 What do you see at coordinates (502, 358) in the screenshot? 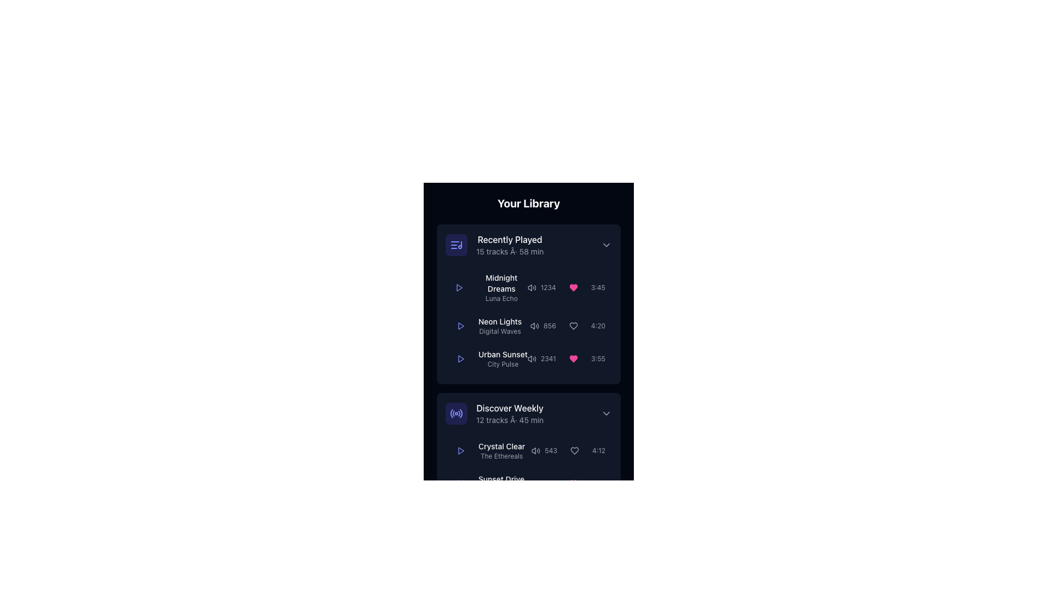
I see `the textual part of the third item in the 'Recently Played' section, which displays the title and subtitle of a song or playlist` at bounding box center [502, 358].